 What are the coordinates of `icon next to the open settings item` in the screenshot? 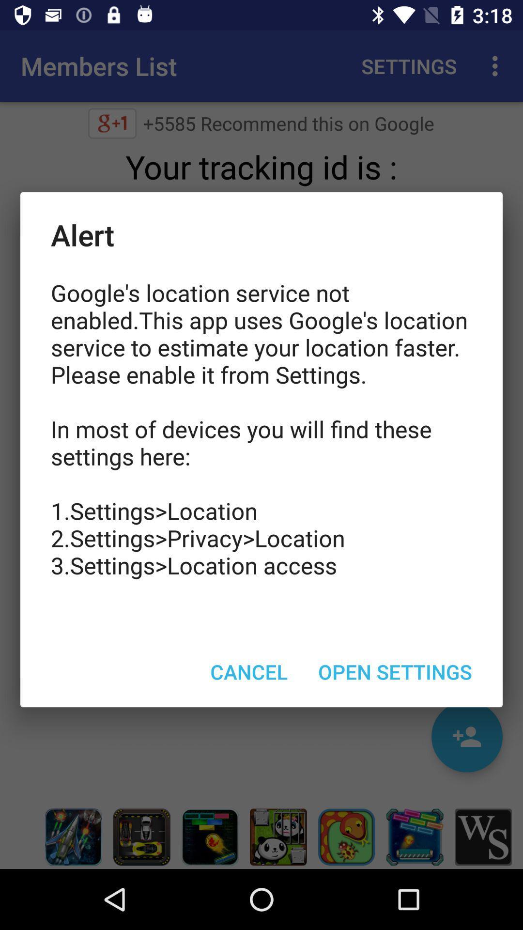 It's located at (248, 671).